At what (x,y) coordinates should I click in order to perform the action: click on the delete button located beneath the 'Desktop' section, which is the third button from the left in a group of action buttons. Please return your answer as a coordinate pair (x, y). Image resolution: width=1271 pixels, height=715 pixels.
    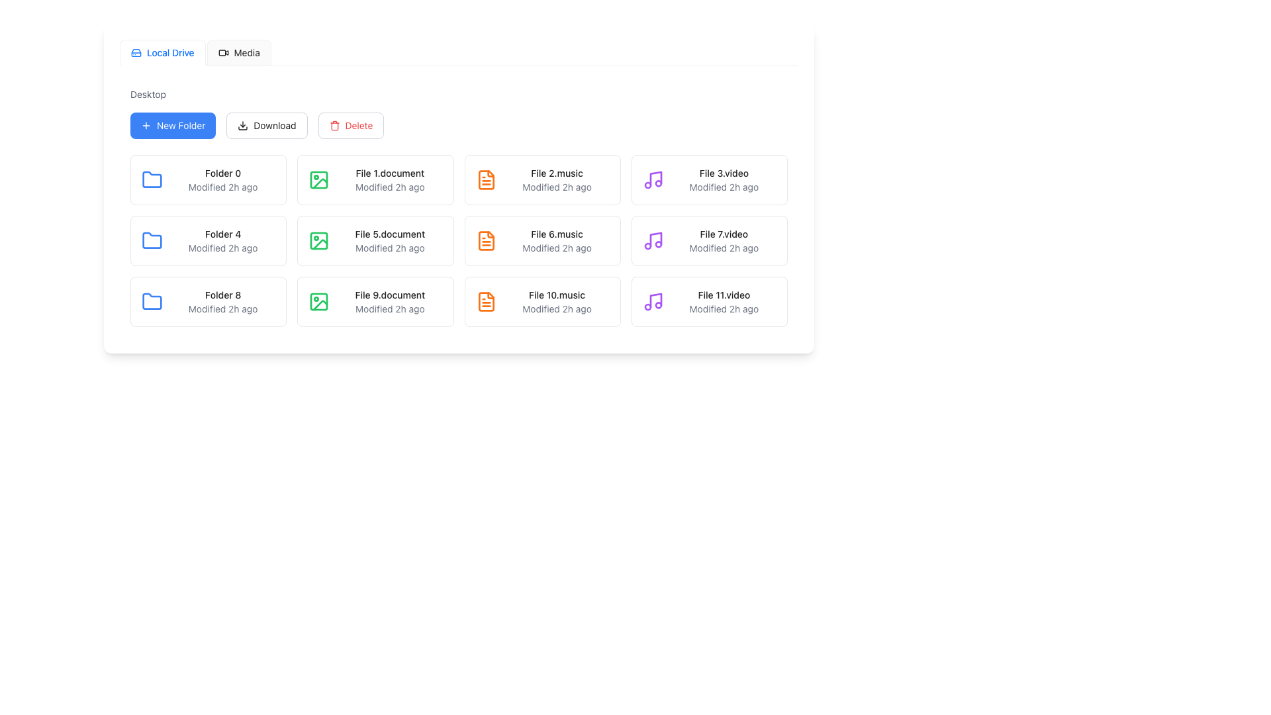
    Looking at the image, I should click on (350, 125).